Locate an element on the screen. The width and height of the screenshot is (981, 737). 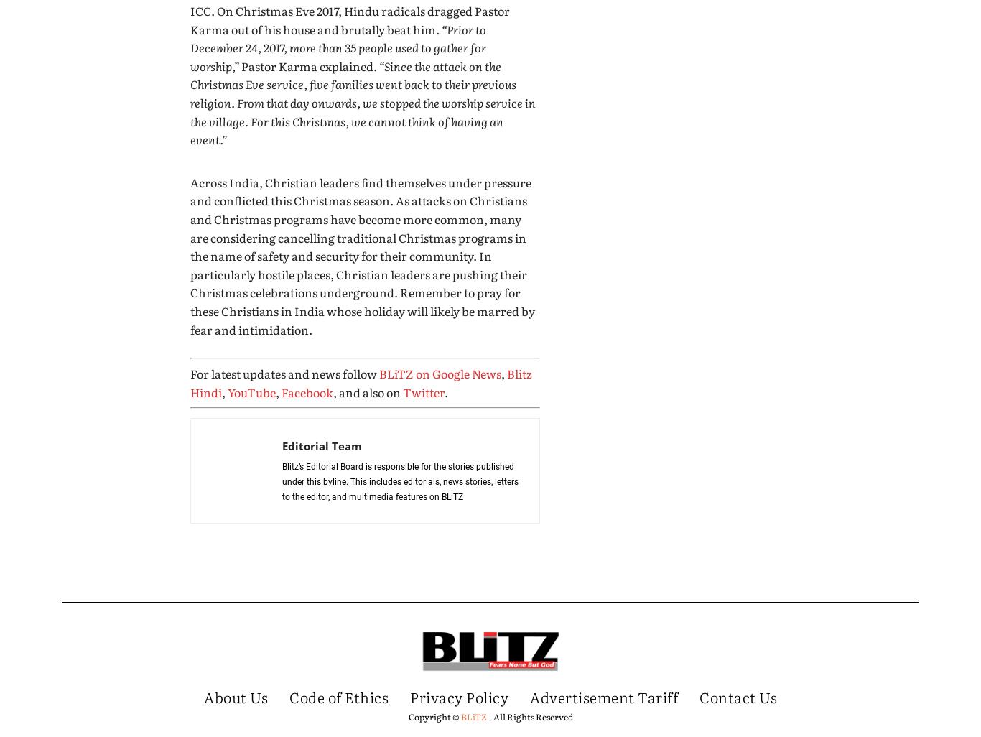
'Pastor Karma explained.' is located at coordinates (308, 65).